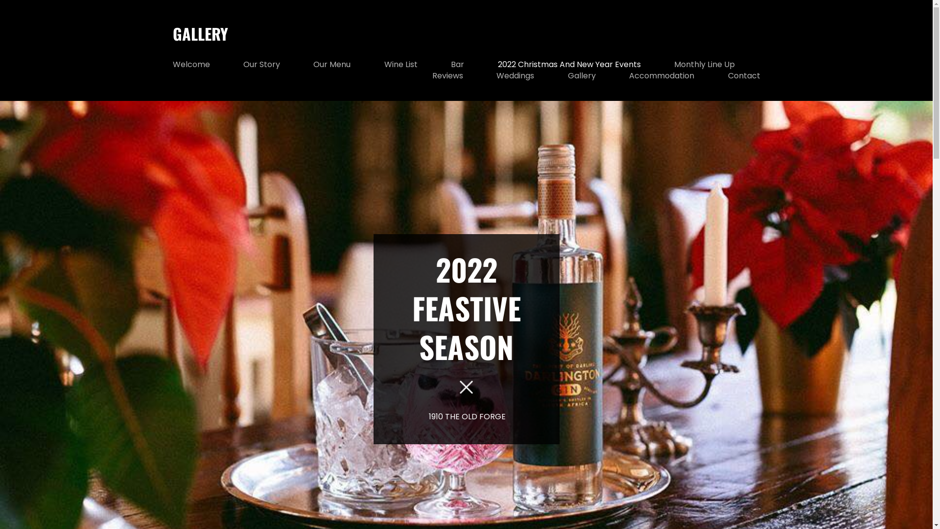 This screenshot has width=940, height=529. I want to click on 'Contact', so click(743, 75).